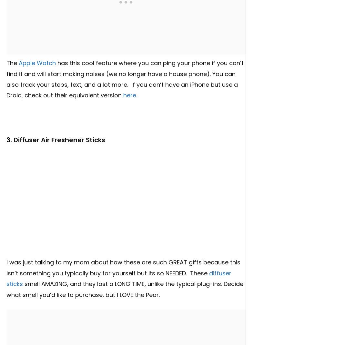 The height and width of the screenshot is (345, 355). What do you see at coordinates (59, 139) in the screenshot?
I see `'Diffuser Air Freshener Sticks'` at bounding box center [59, 139].